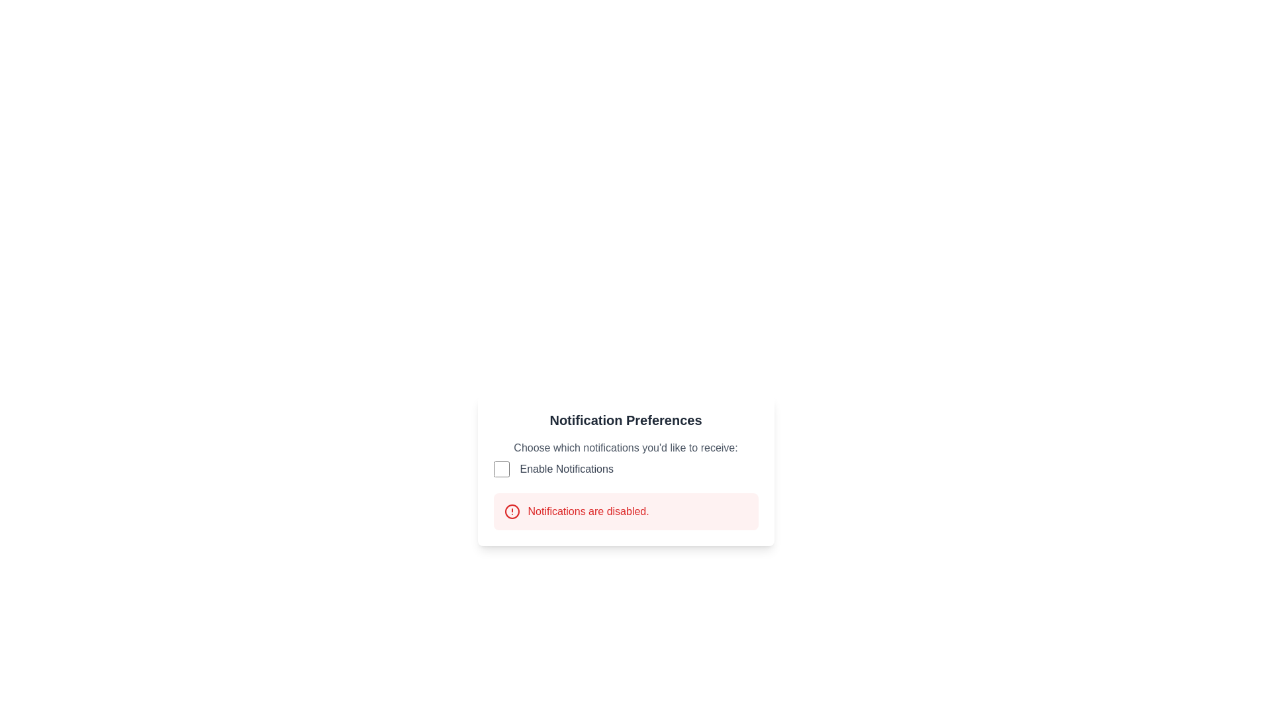  Describe the element at coordinates (625, 510) in the screenshot. I see `the informational alert box indicating that notifications are disabled, located at the bottom of the 'Notification Preferences' card` at that location.